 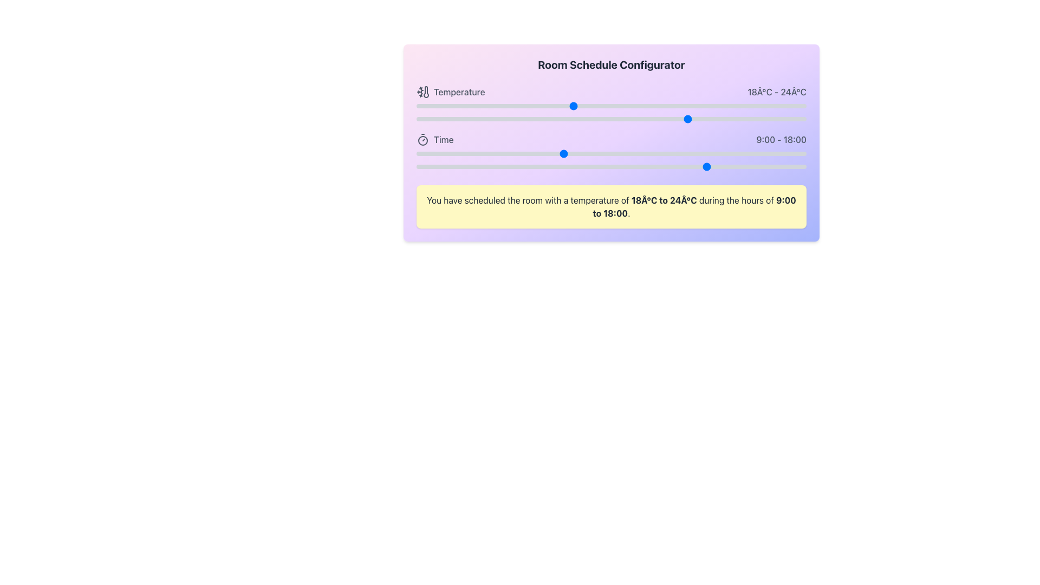 What do you see at coordinates (415, 119) in the screenshot?
I see `the slider value` at bounding box center [415, 119].